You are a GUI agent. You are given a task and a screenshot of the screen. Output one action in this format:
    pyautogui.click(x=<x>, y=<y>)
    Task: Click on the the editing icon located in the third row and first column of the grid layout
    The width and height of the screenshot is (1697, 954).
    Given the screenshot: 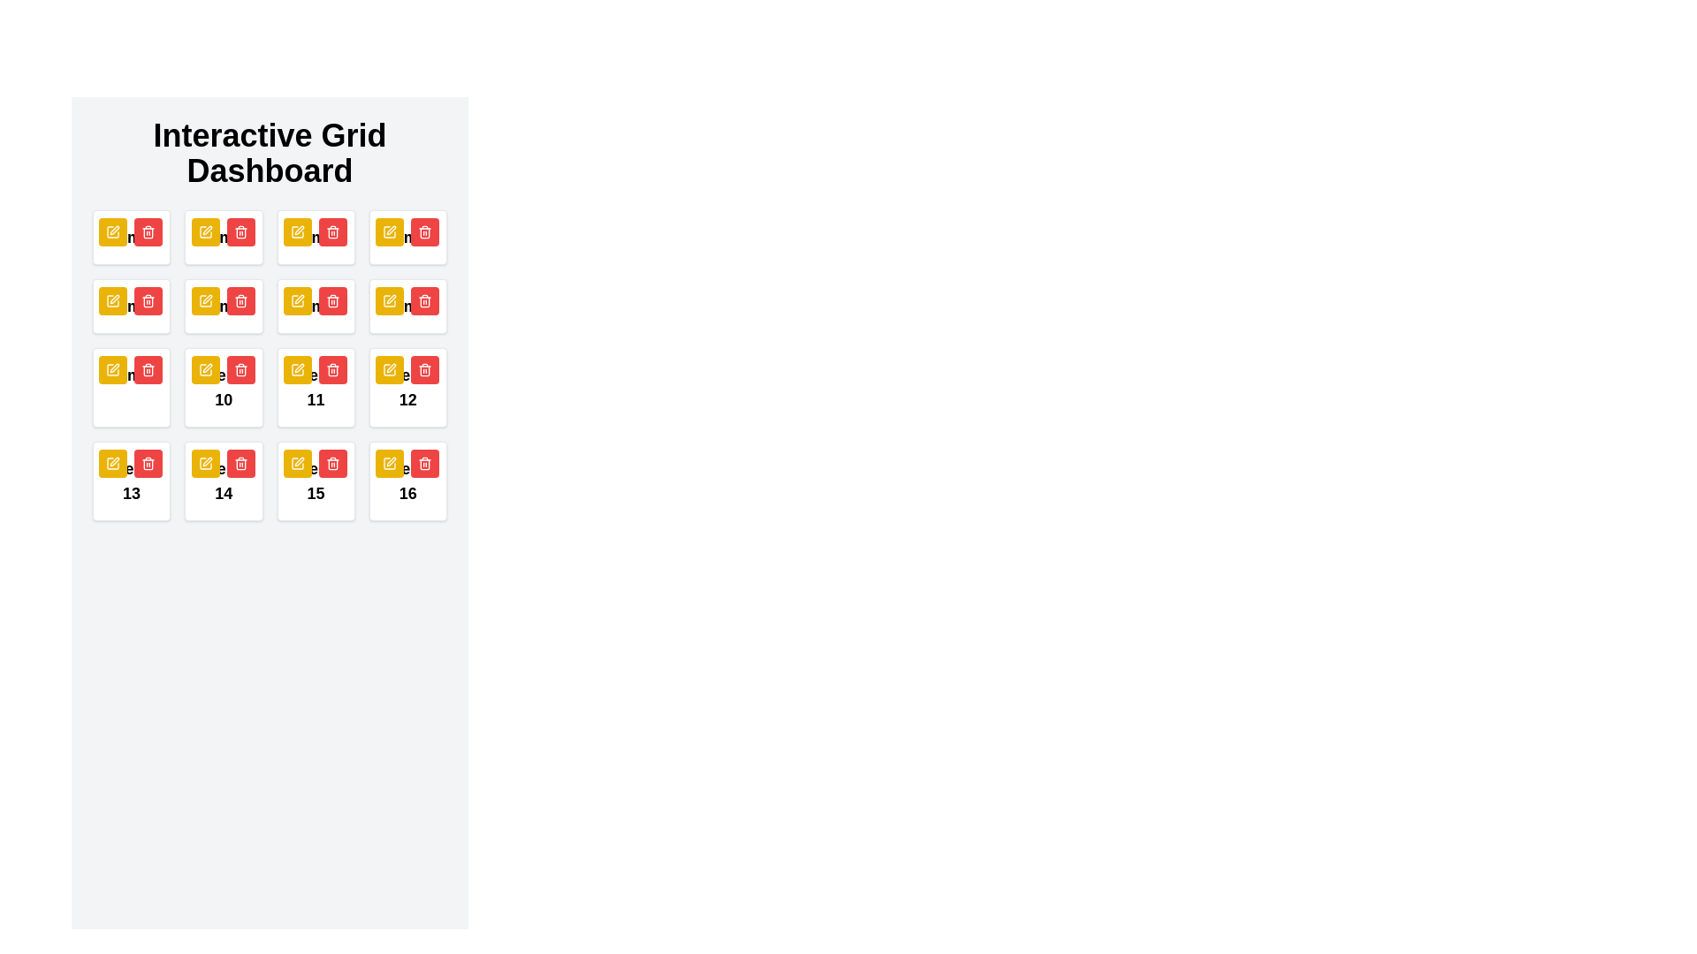 What is the action you would take?
    pyautogui.click(x=114, y=461)
    